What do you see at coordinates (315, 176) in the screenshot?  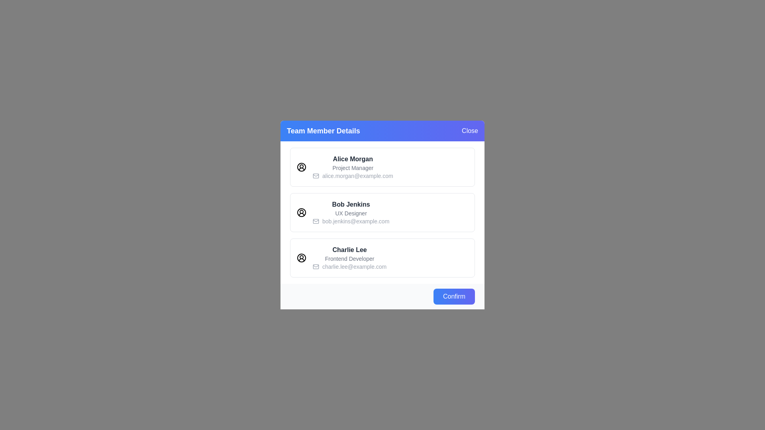 I see `the envelope icon representing an email action, located to the left of the email address 'alice.morgan@example.com' in the 'Team Member Details' modal` at bounding box center [315, 176].